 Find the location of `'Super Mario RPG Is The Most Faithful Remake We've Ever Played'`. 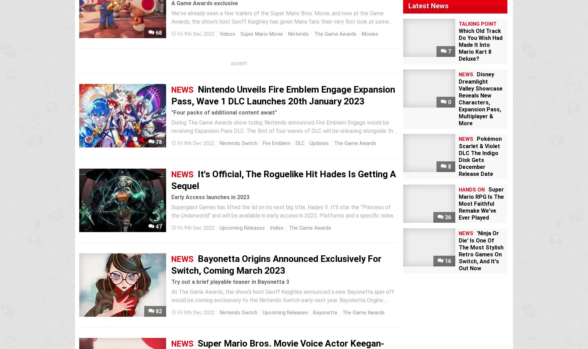

'Super Mario RPG Is The Most Faithful Remake We've Ever Played' is located at coordinates (481, 204).